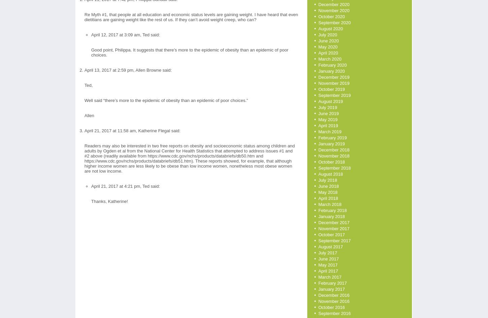  What do you see at coordinates (328, 198) in the screenshot?
I see `'April 2018'` at bounding box center [328, 198].